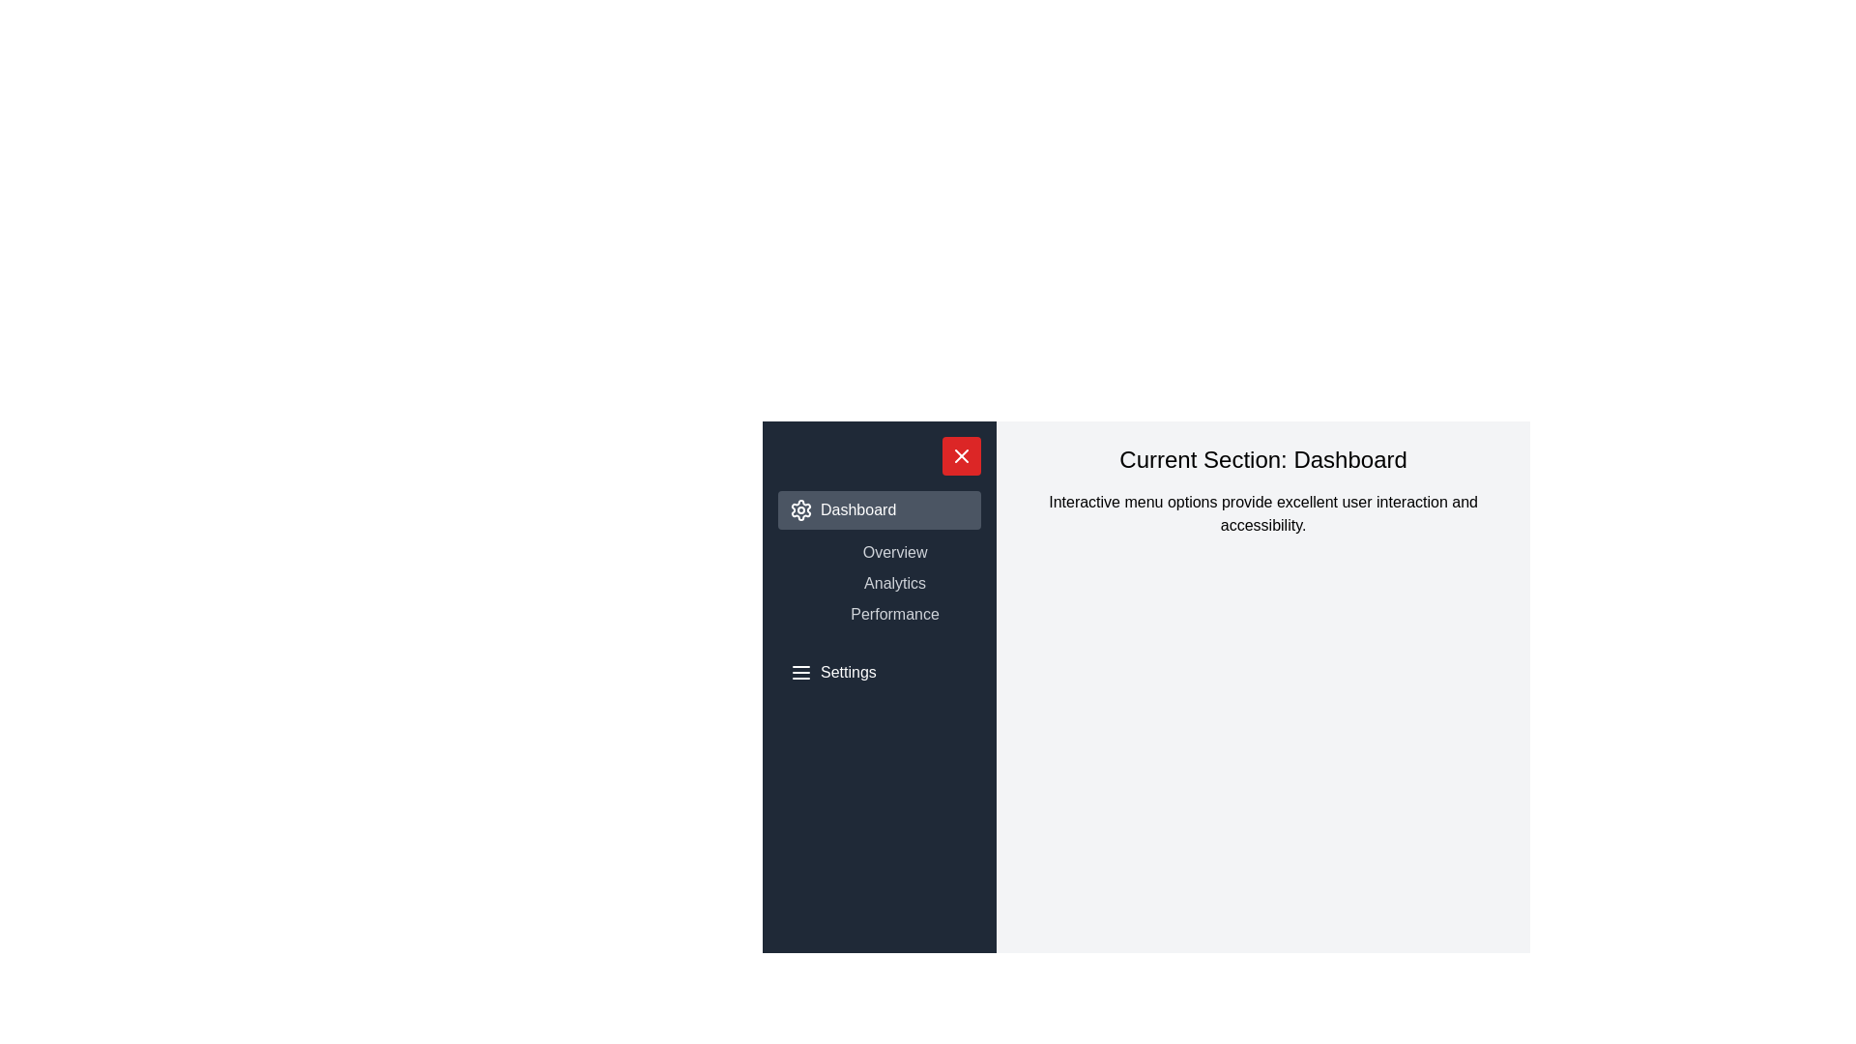 The width and height of the screenshot is (1856, 1044). Describe the element at coordinates (879, 583) in the screenshot. I see `the 'Analytics' text-based navigation link, which is the second item in the sidebar navigation menu, located directly below 'Overview' and above 'Performance'` at that location.